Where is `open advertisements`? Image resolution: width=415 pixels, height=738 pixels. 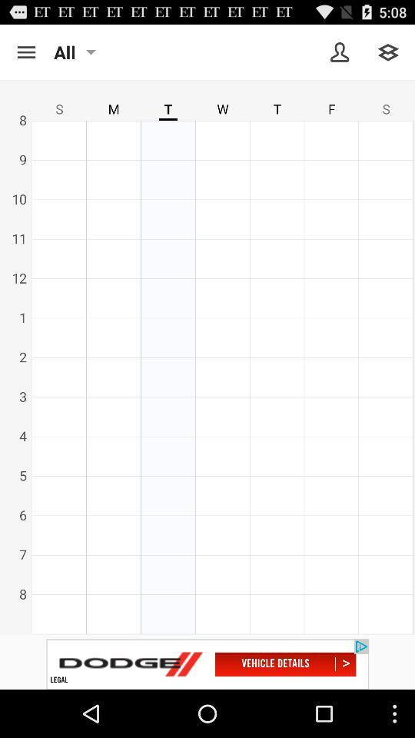
open advertisements is located at coordinates (207, 663).